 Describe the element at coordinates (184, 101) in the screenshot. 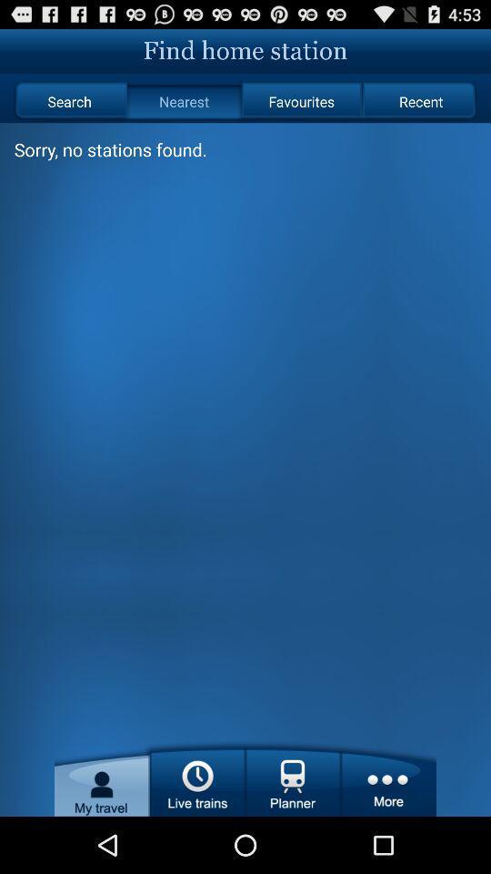

I see `the icon below the find home station item` at that location.